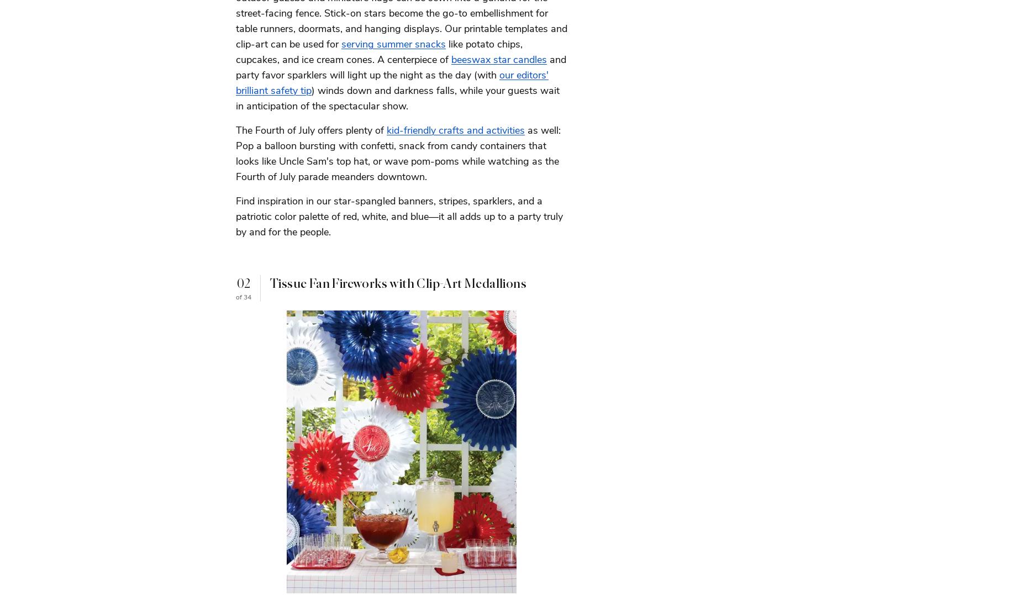 The height and width of the screenshot is (595, 1022). What do you see at coordinates (379, 51) in the screenshot?
I see `'like potato chips, cupcakes, and ice cream cones. A centerpiece of'` at bounding box center [379, 51].